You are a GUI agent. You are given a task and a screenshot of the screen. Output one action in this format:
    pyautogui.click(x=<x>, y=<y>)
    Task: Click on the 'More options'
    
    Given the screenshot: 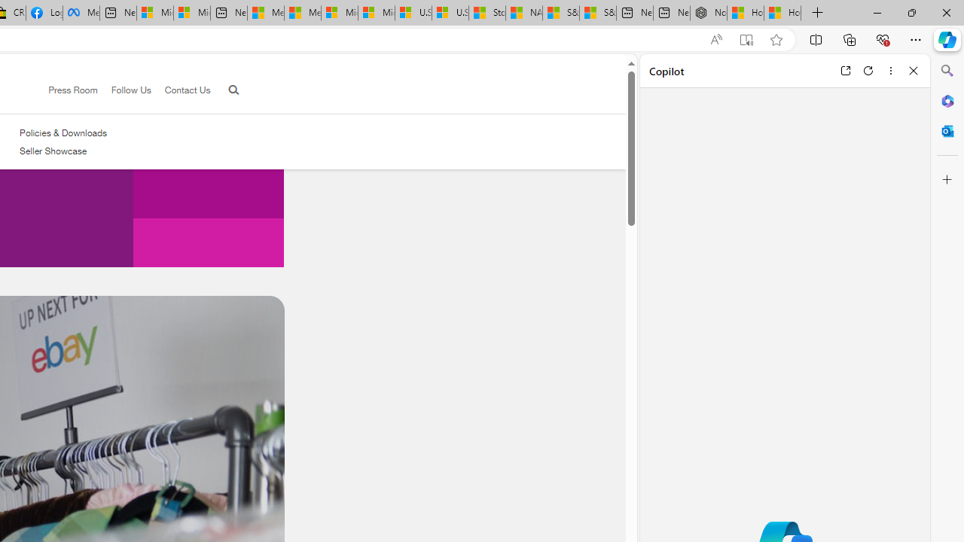 What is the action you would take?
    pyautogui.click(x=890, y=70)
    